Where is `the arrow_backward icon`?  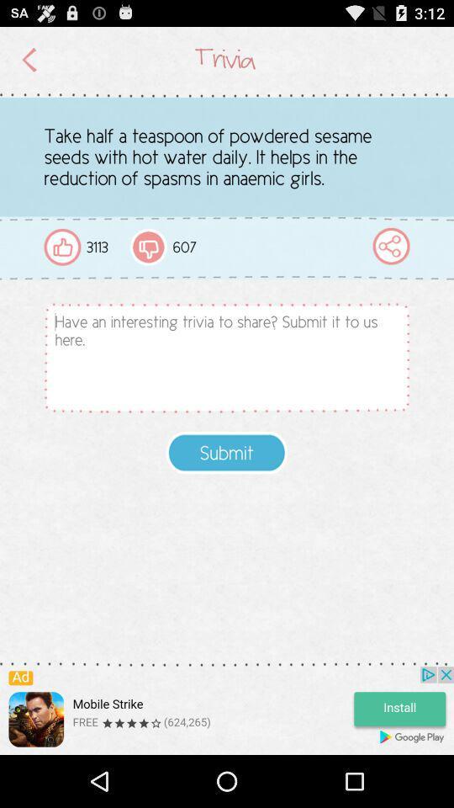
the arrow_backward icon is located at coordinates (29, 63).